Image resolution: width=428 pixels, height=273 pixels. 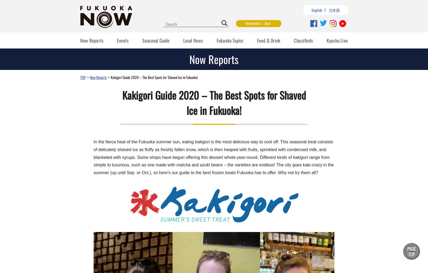 I want to click on 'Seasonal Guide', so click(x=155, y=40).